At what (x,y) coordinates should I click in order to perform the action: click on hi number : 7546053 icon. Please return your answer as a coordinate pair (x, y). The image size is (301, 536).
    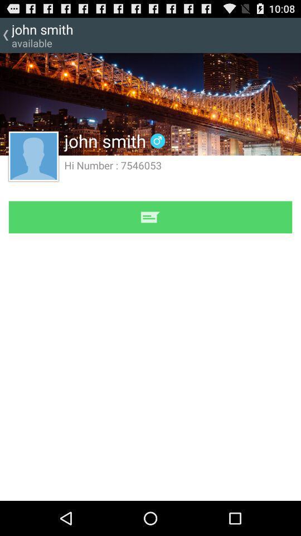
    Looking at the image, I should click on (113, 164).